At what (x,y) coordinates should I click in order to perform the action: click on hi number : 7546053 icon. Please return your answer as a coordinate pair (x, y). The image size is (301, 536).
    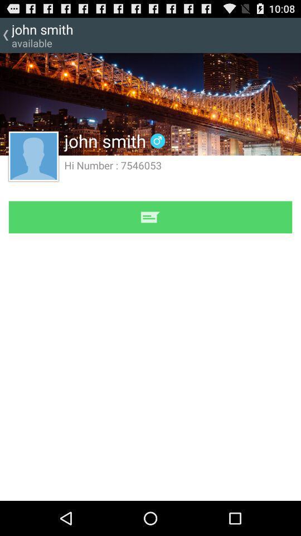
    Looking at the image, I should click on (113, 164).